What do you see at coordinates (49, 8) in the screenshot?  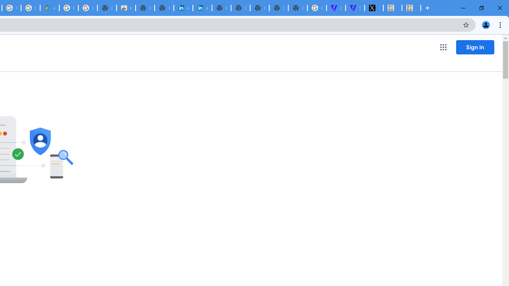 I see `'Google Maps'` at bounding box center [49, 8].